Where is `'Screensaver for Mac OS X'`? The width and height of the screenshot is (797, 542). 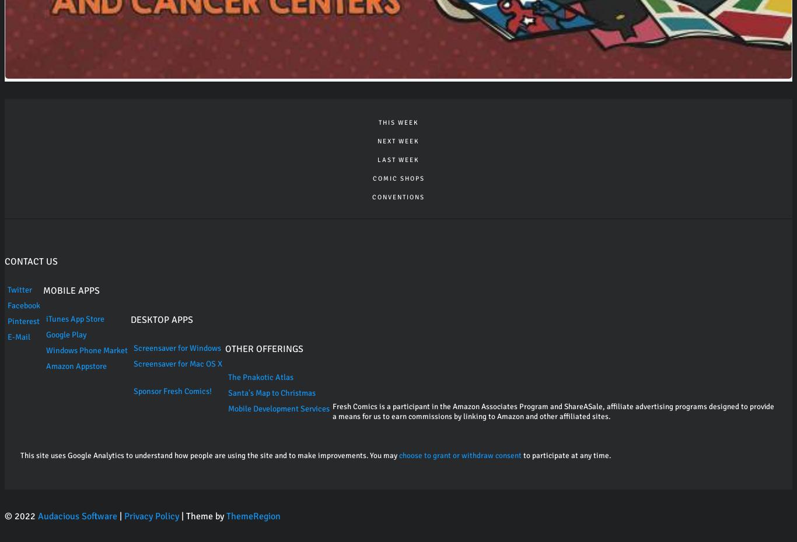 'Screensaver for Mac OS X' is located at coordinates (178, 362).